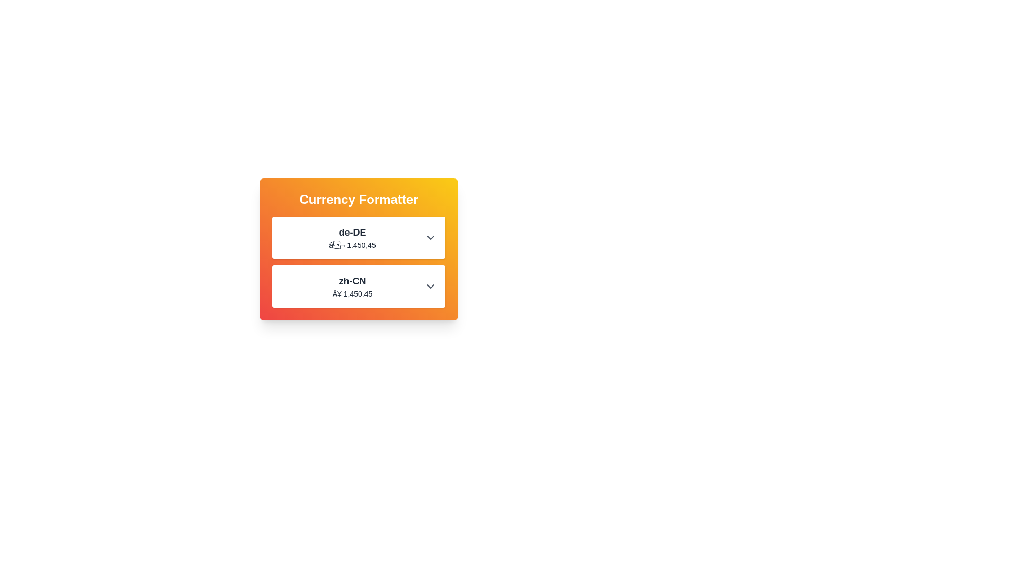 The image size is (1017, 572). I want to click on the dropdown entry displaying 'zh-CN' with the price '¥ 1,450.45', so click(359, 286).